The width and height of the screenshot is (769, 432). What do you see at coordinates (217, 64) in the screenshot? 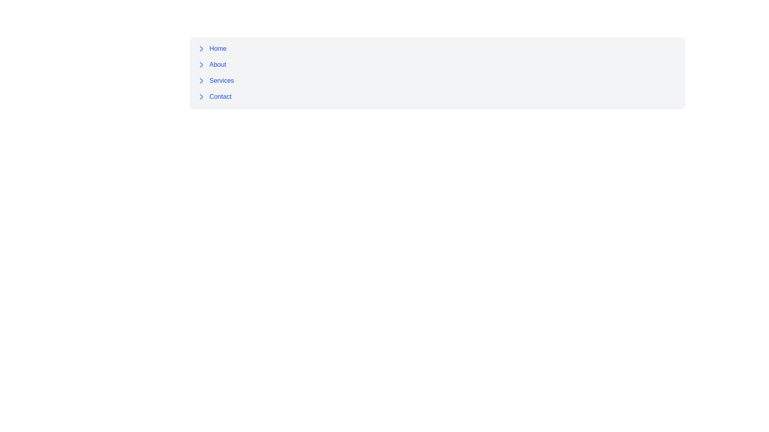
I see `the 'About' hyperlink, which is the second item in the vertical menu` at bounding box center [217, 64].